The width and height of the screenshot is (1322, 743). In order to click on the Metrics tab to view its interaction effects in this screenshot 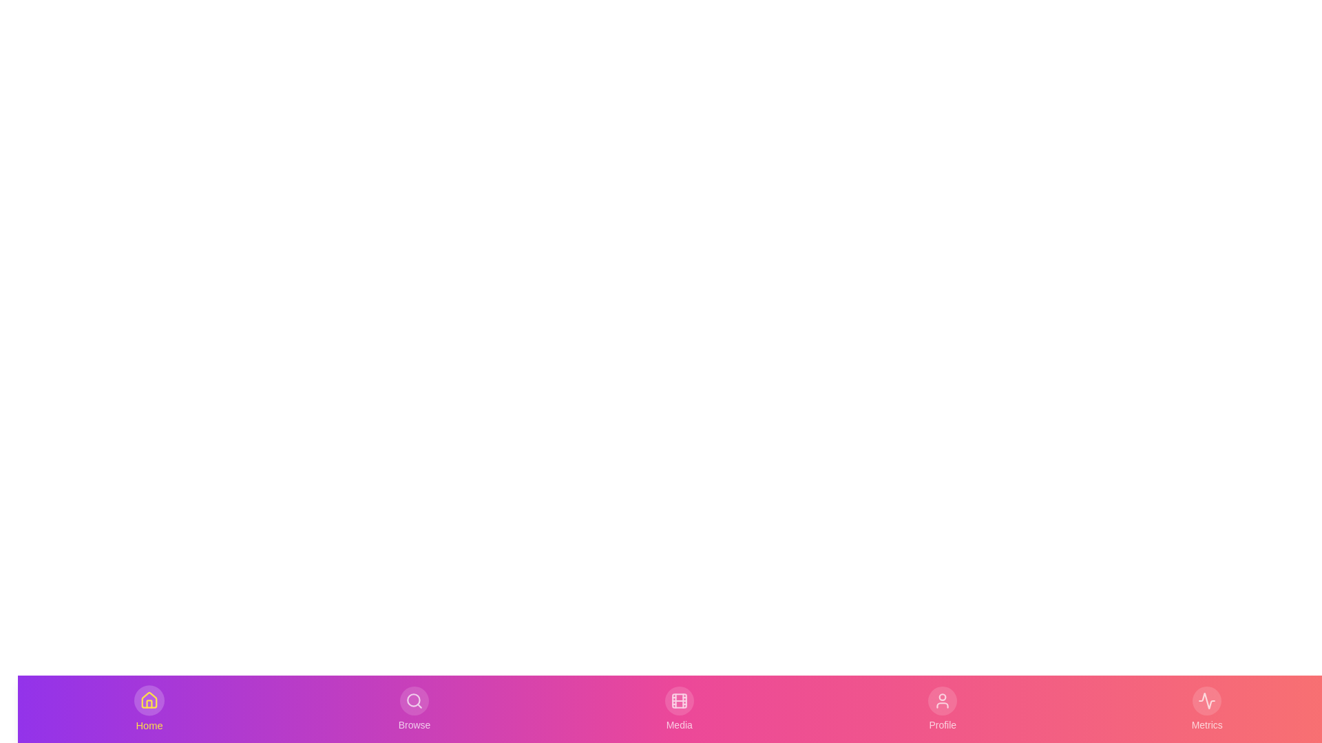, I will do `click(1206, 709)`.